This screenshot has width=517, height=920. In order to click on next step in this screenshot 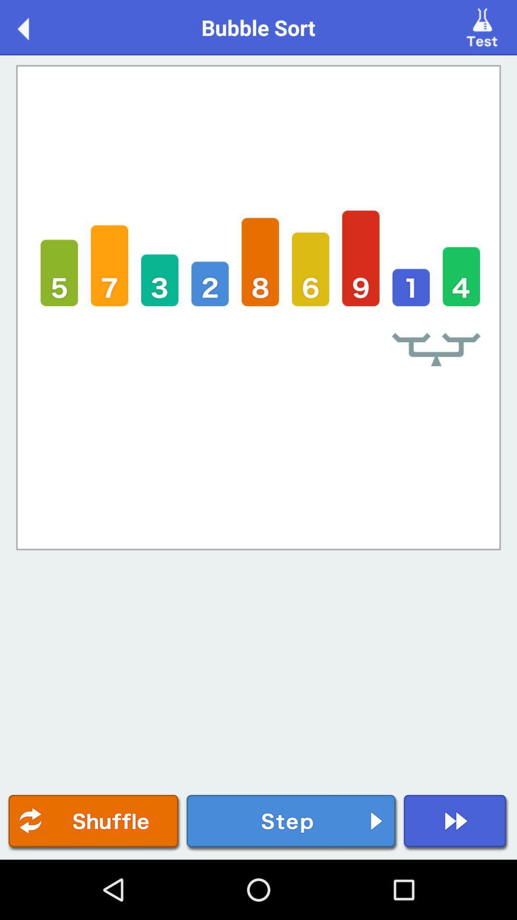, I will do `click(292, 822)`.